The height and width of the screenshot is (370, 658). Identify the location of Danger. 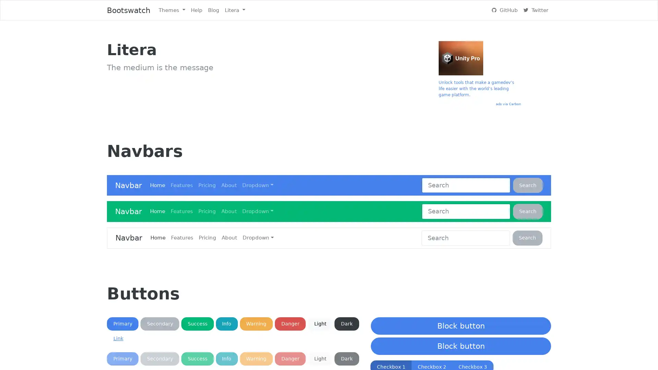
(290, 358).